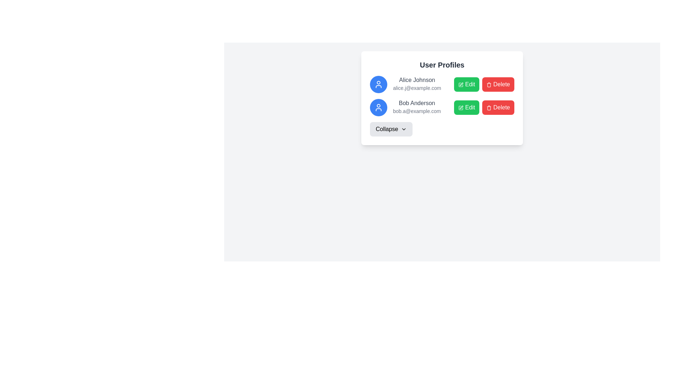  What do you see at coordinates (484, 107) in the screenshot?
I see `the red 'Delete' button in the button group associated with user 'Bob Anderson' to invoke its actions` at bounding box center [484, 107].